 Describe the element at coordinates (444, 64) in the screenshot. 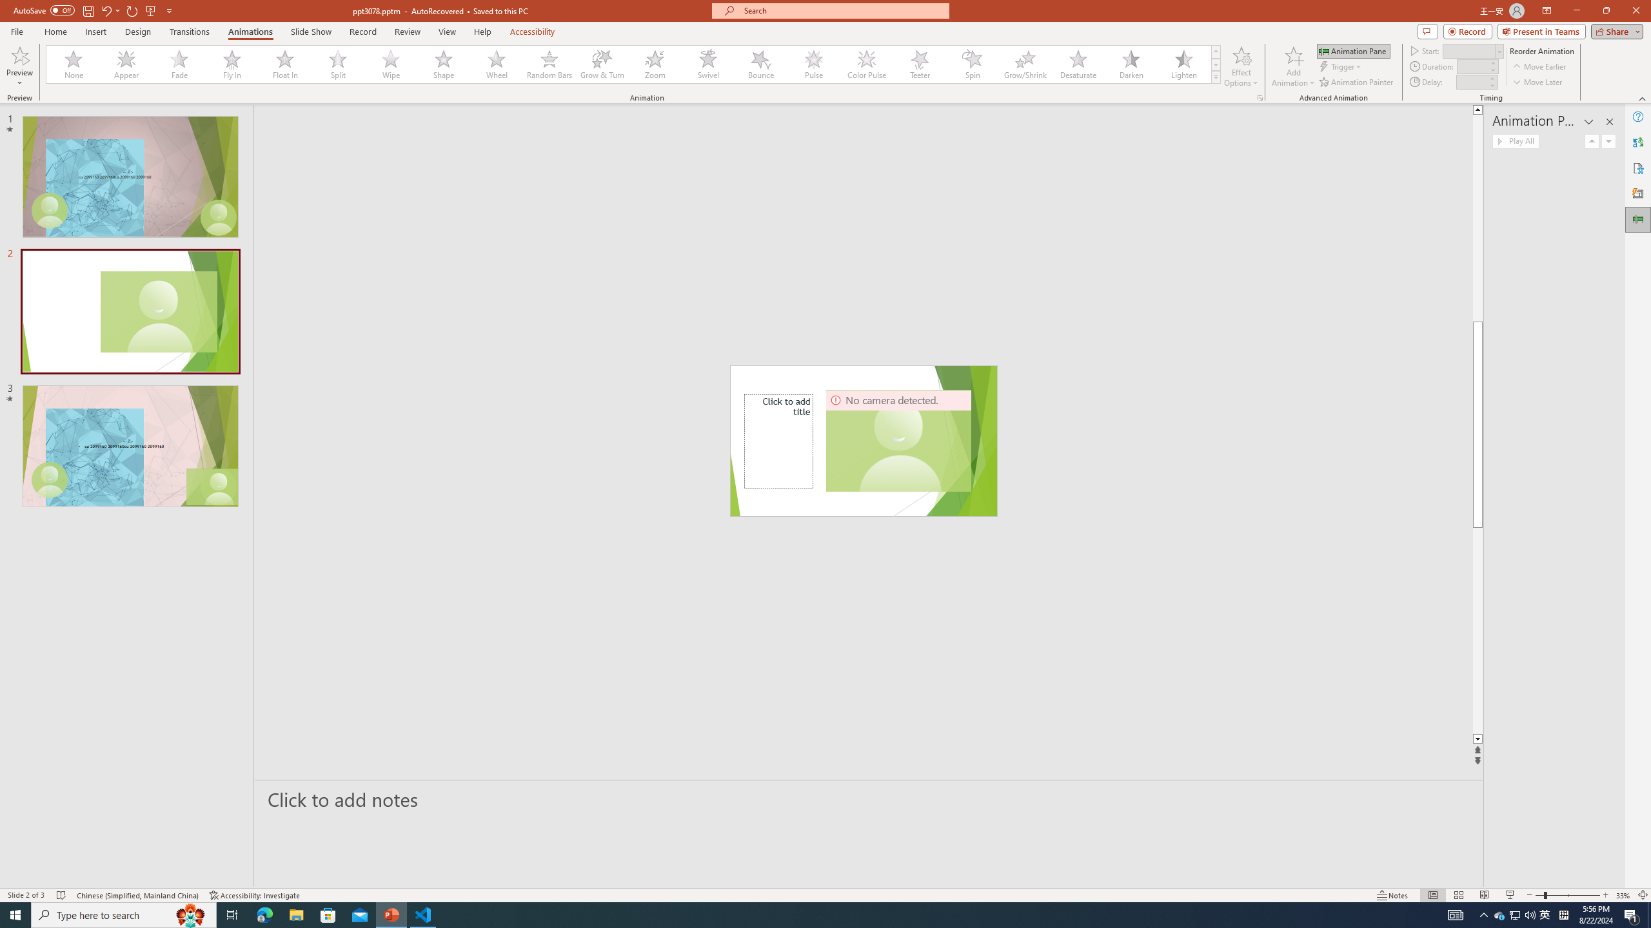

I see `'Shape'` at that location.